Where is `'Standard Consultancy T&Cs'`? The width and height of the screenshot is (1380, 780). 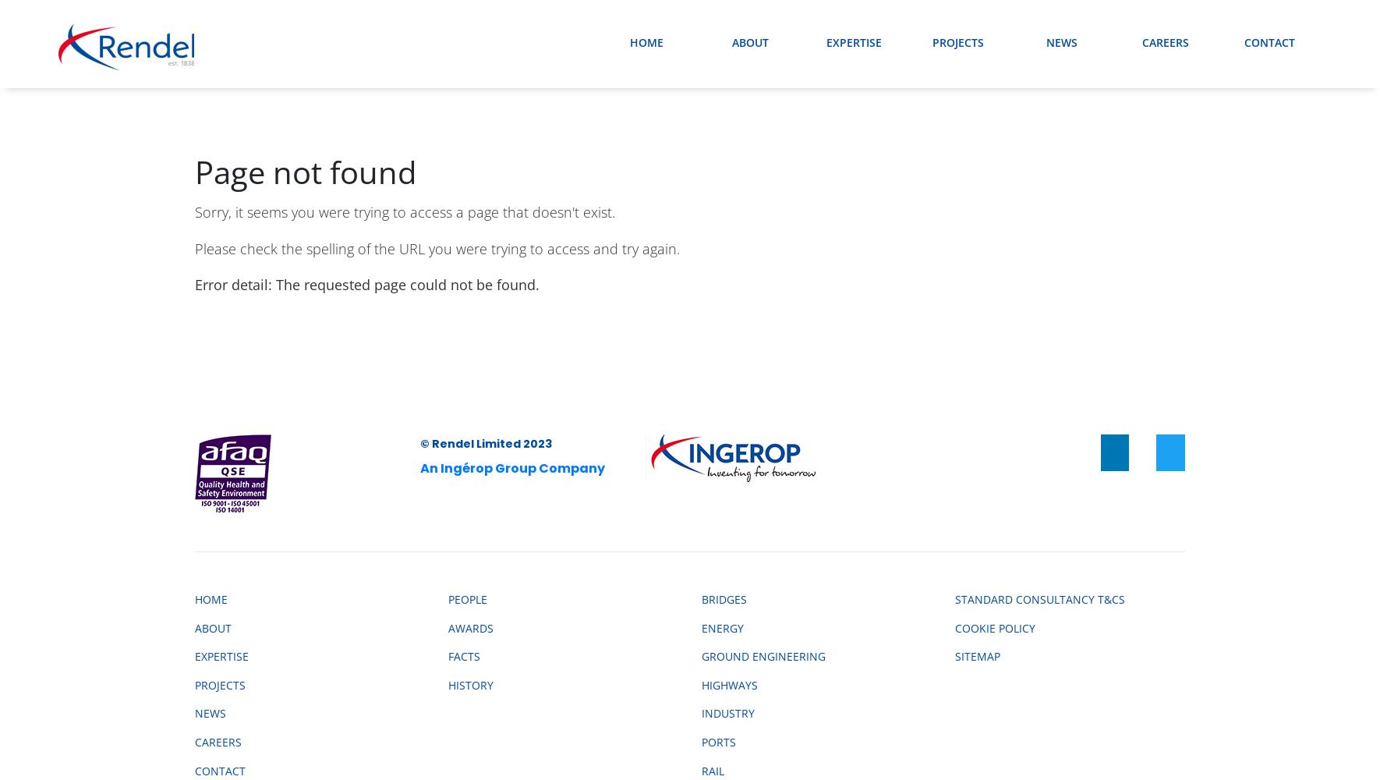 'Standard Consultancy T&Cs' is located at coordinates (1040, 599).